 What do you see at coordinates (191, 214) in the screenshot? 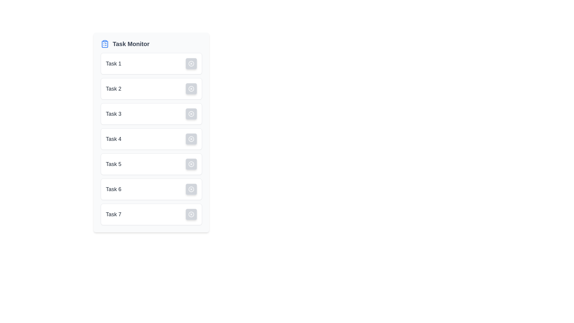
I see `the close or delete icon for 'Task 7' in the task management panel` at bounding box center [191, 214].